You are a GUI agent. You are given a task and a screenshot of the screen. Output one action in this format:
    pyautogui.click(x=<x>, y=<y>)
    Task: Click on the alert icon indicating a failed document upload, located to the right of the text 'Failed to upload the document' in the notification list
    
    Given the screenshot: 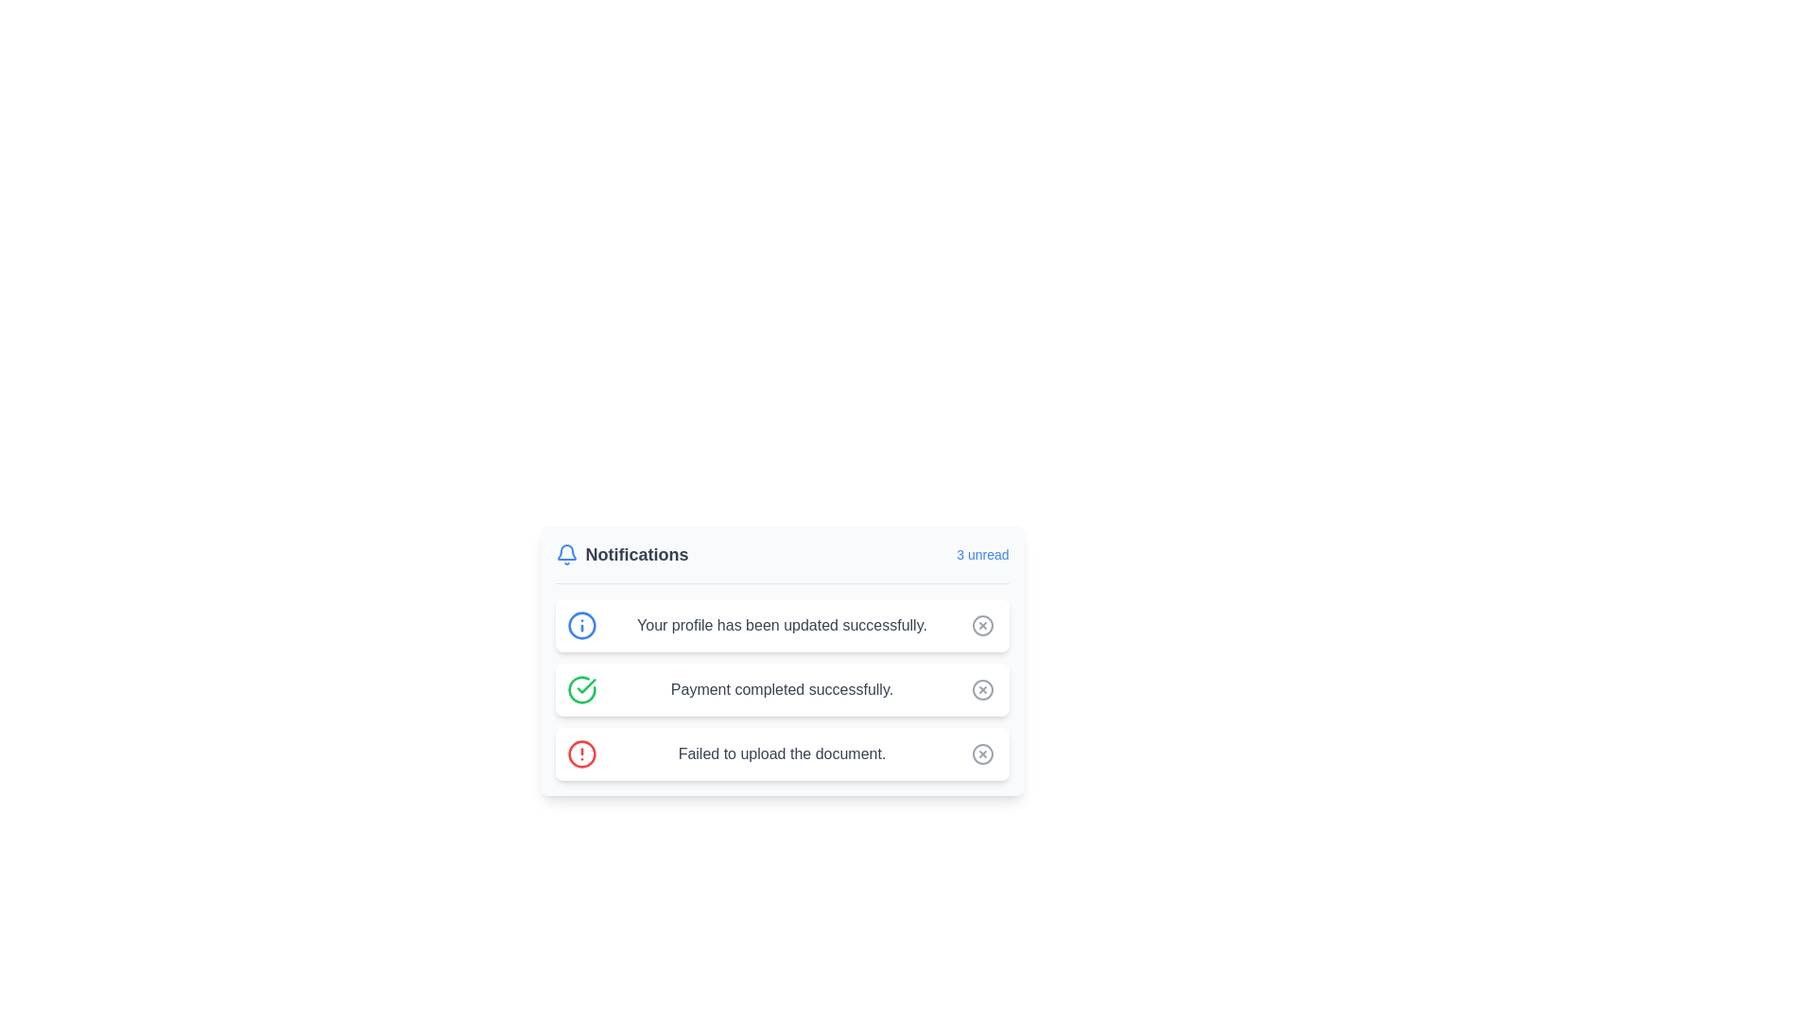 What is the action you would take?
    pyautogui.click(x=580, y=753)
    